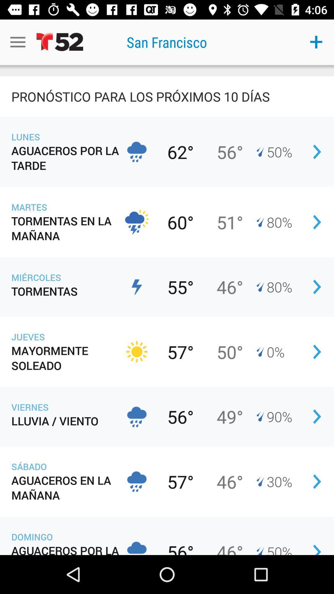 The image size is (334, 594). I want to click on the fifth button on the top right corner of the web page, so click(317, 352).